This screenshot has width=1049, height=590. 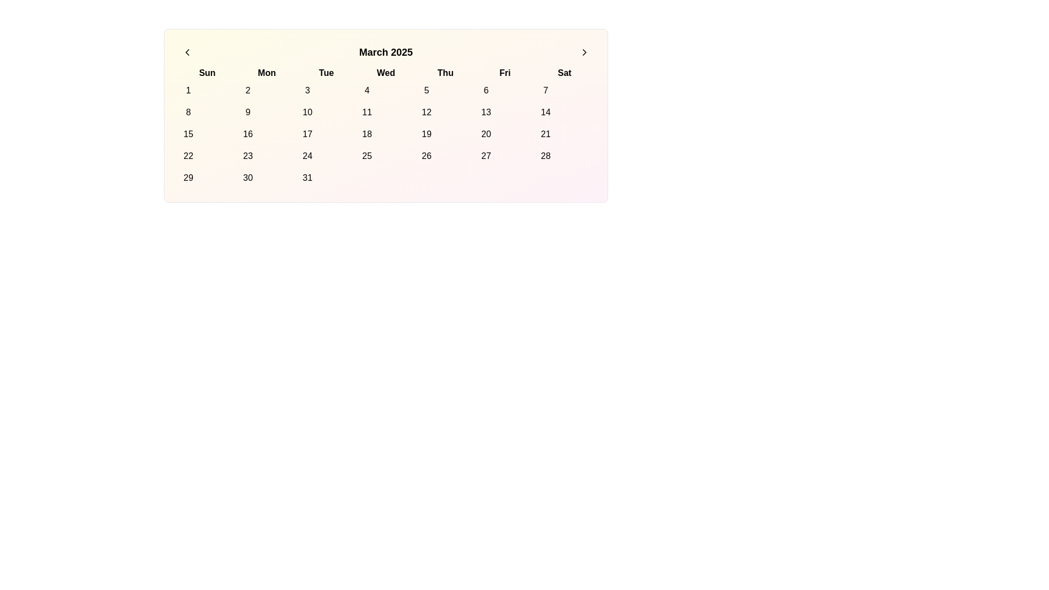 I want to click on the circular calendar date button displaying the number '17', so click(x=307, y=134).